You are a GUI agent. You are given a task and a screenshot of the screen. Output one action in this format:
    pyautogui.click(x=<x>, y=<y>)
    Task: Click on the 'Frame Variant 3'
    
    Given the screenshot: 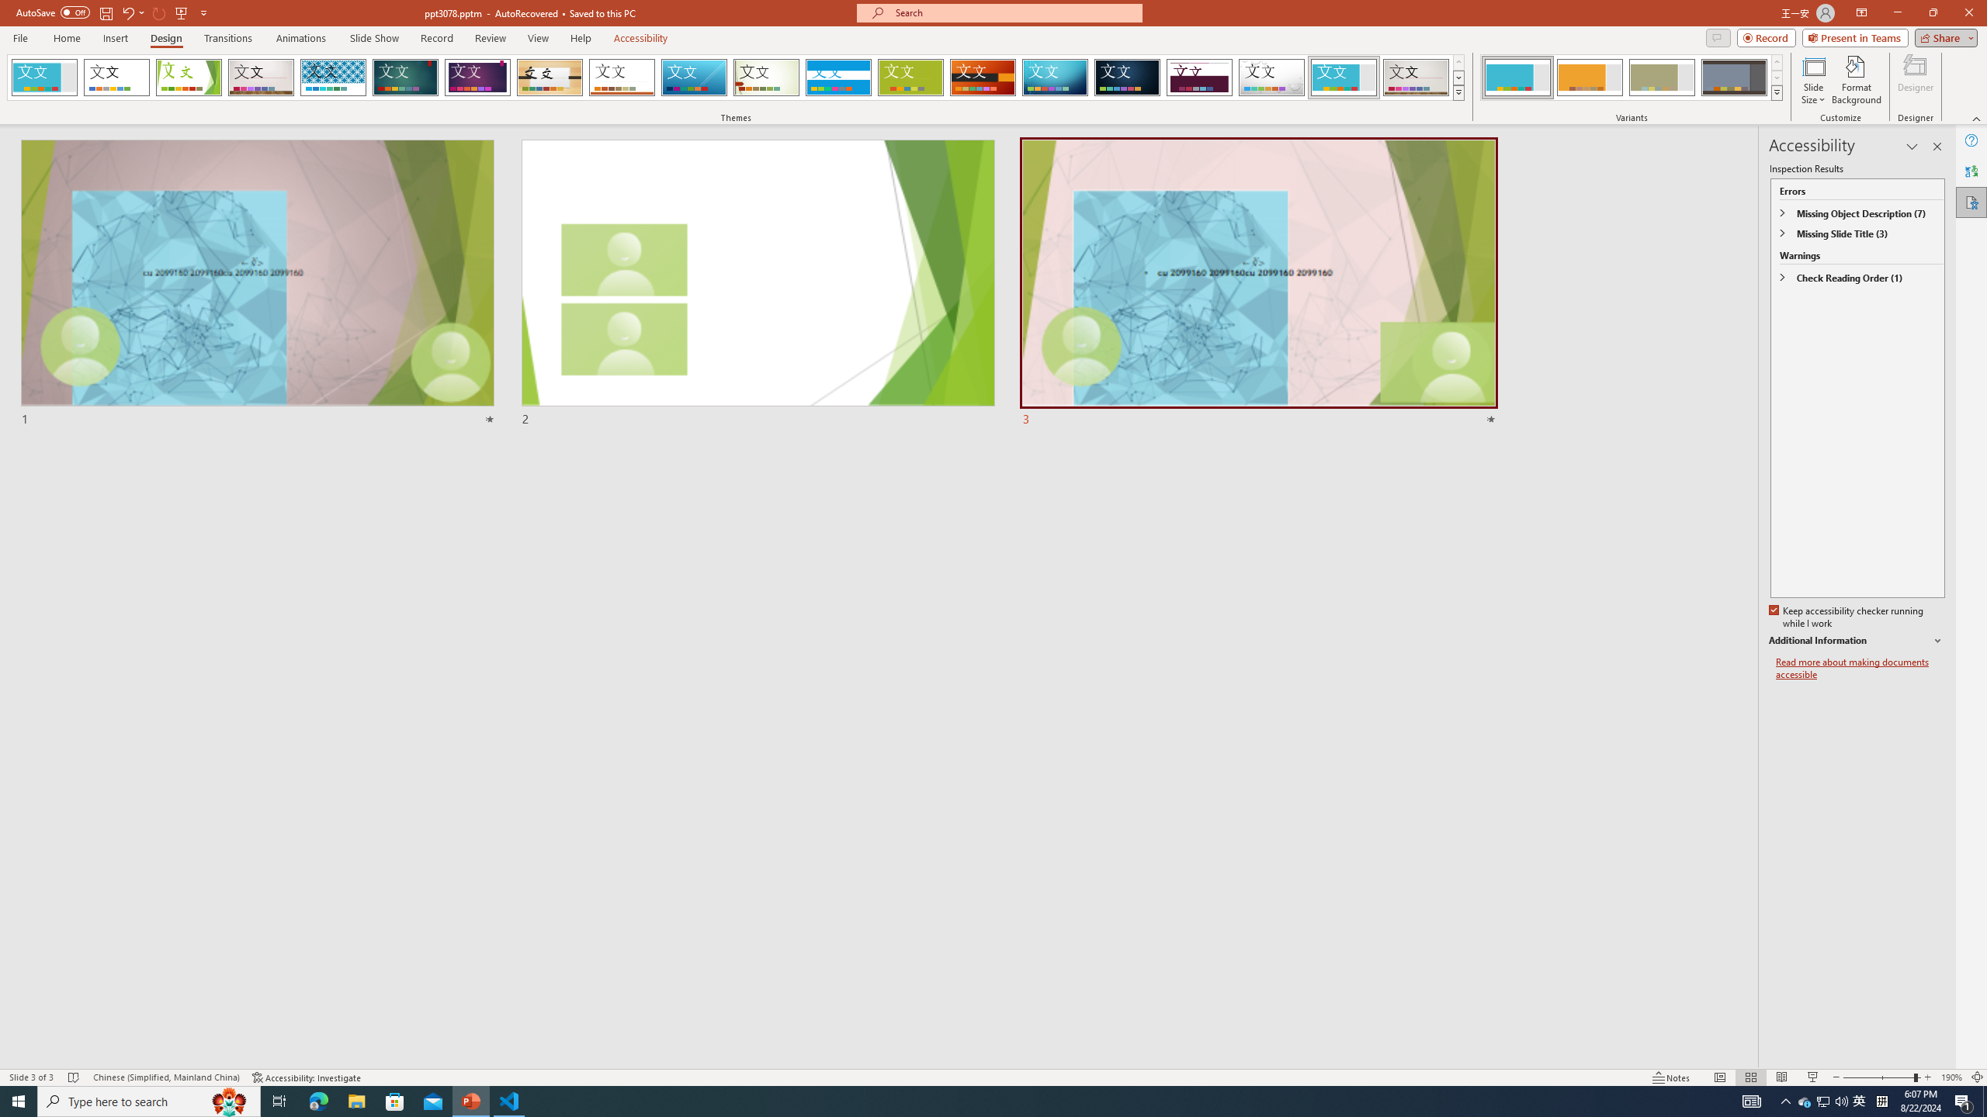 What is the action you would take?
    pyautogui.click(x=1661, y=77)
    